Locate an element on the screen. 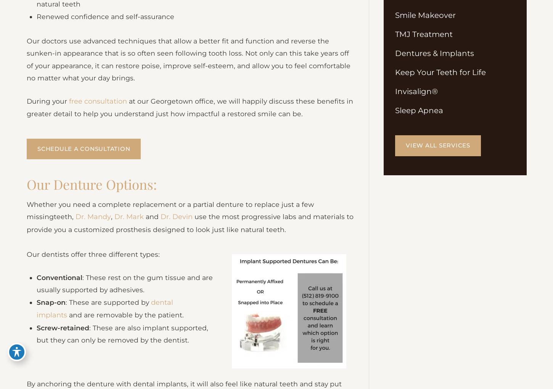 The image size is (553, 389). 'Dr. Devin' is located at coordinates (176, 227).